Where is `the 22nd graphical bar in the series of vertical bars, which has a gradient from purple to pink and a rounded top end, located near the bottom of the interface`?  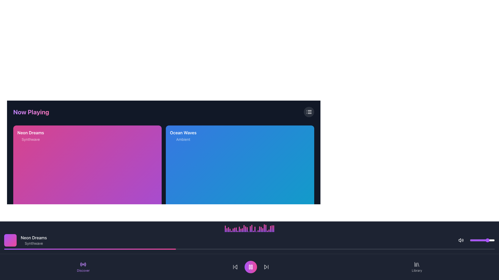
the 22nd graphical bar in the series of vertical bars, which has a gradient from purple to pink and a rounded top end, located near the bottom of the interface is located at coordinates (258, 229).